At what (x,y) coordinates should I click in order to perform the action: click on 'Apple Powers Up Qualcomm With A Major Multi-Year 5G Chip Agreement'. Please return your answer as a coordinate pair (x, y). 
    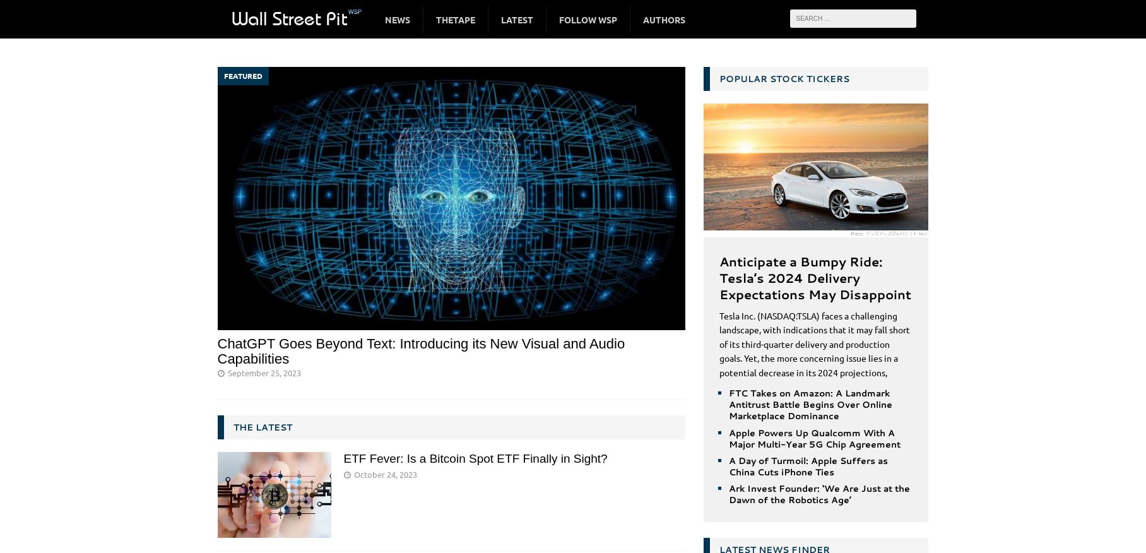
    Looking at the image, I should click on (813, 437).